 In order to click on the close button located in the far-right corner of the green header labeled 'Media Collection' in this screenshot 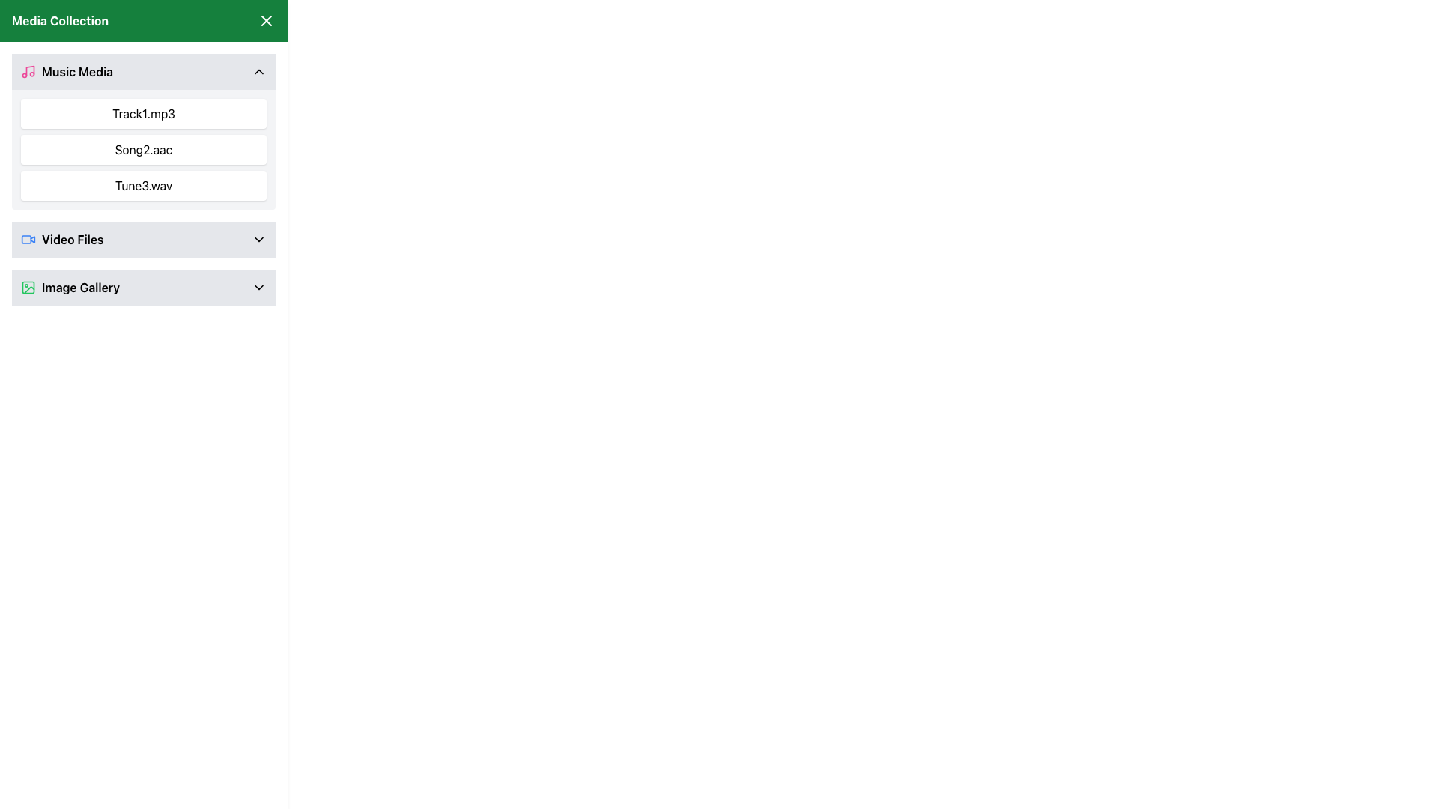, I will do `click(266, 20)`.